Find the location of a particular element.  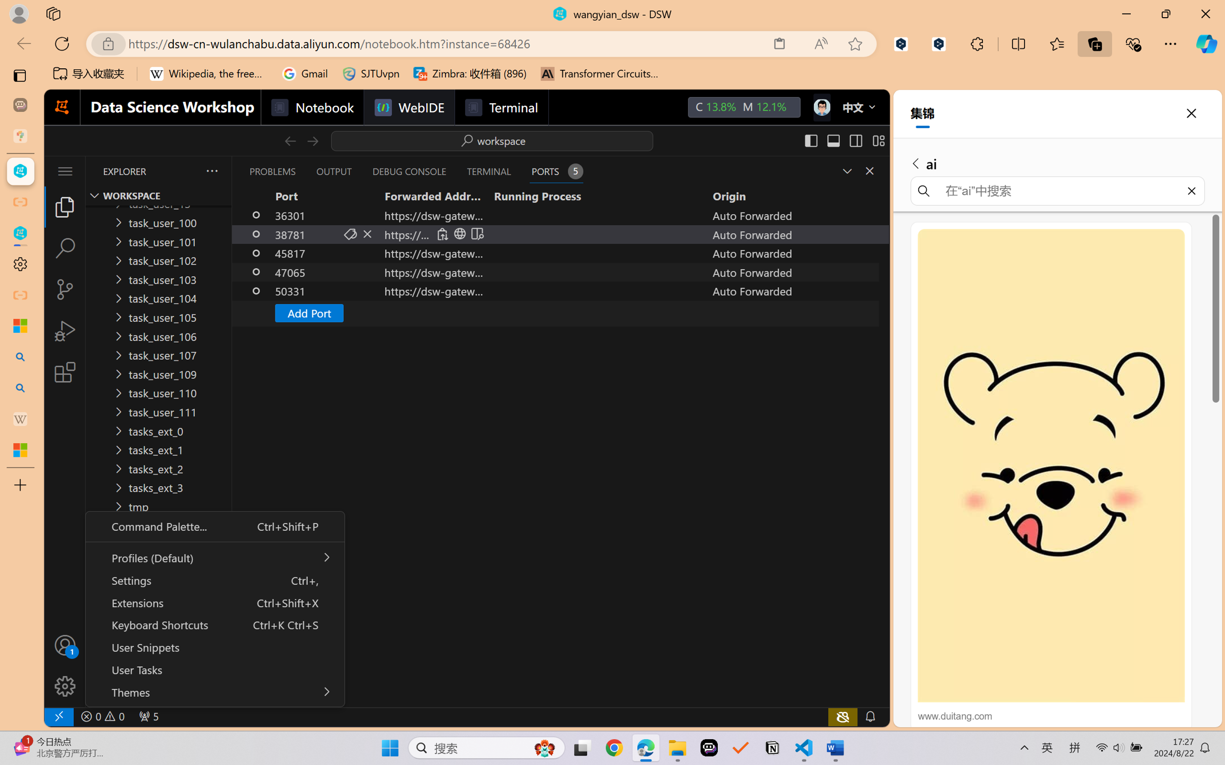

'WebIDE' is located at coordinates (409, 107).